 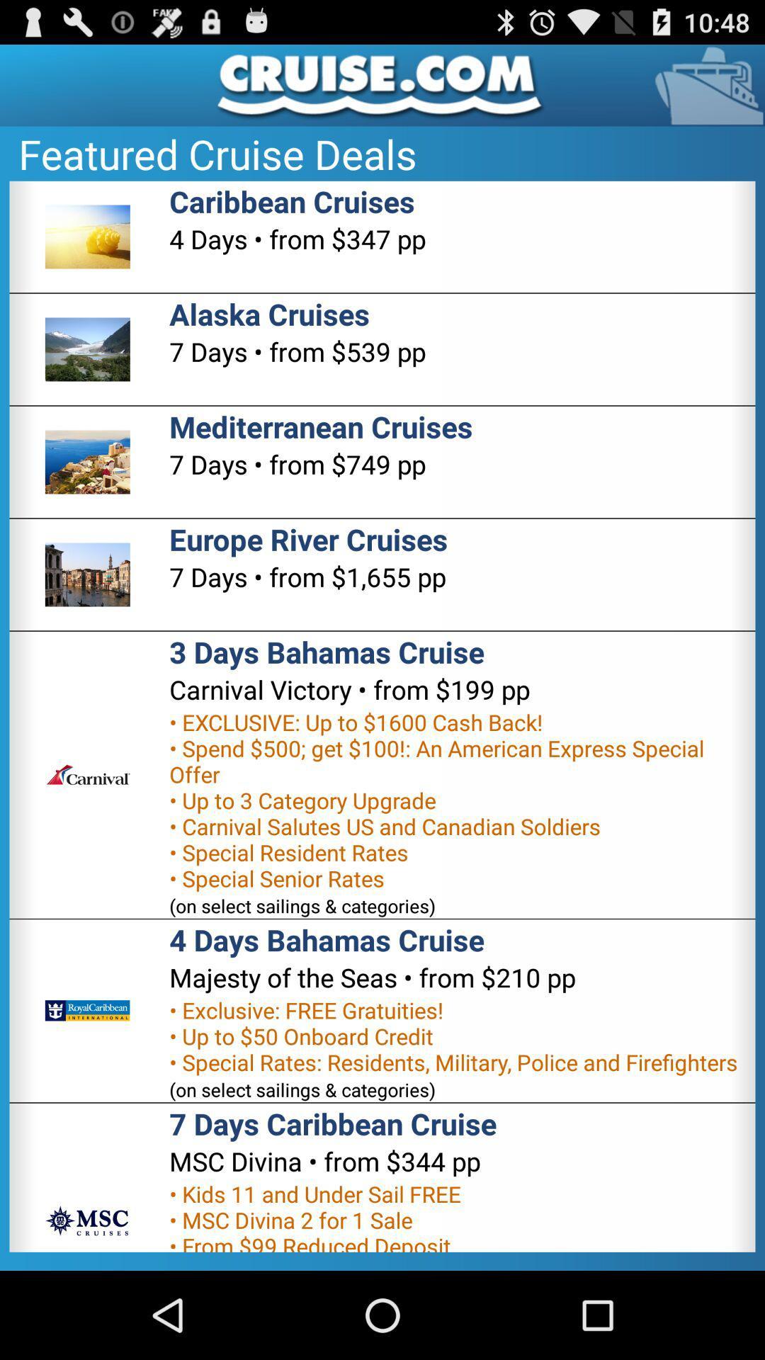 What do you see at coordinates (291, 200) in the screenshot?
I see `icon above 4 days from icon` at bounding box center [291, 200].